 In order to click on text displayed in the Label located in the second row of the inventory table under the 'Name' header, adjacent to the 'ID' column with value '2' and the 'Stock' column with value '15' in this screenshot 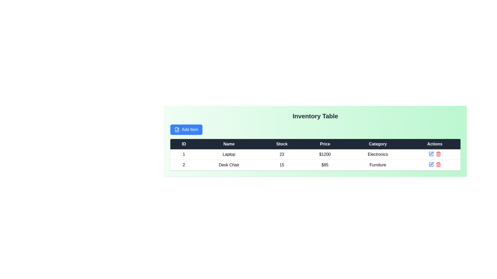, I will do `click(229, 165)`.